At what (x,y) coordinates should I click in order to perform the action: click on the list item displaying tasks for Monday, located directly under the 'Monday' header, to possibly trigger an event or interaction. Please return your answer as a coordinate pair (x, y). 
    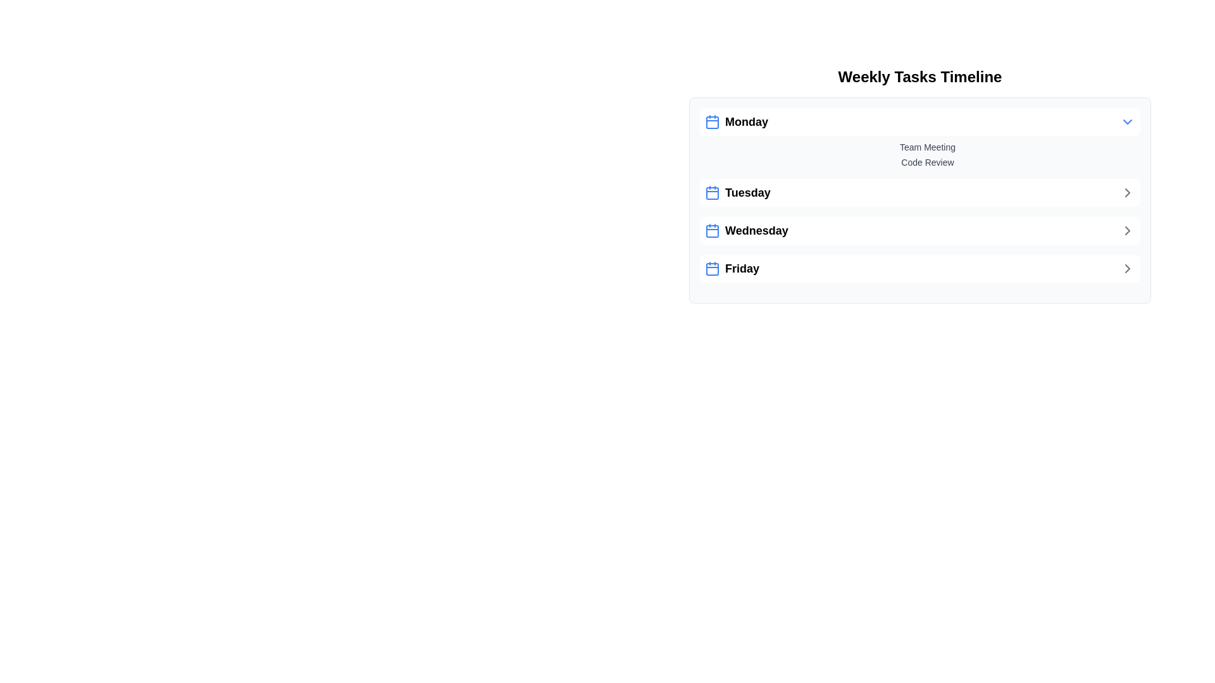
    Looking at the image, I should click on (920, 154).